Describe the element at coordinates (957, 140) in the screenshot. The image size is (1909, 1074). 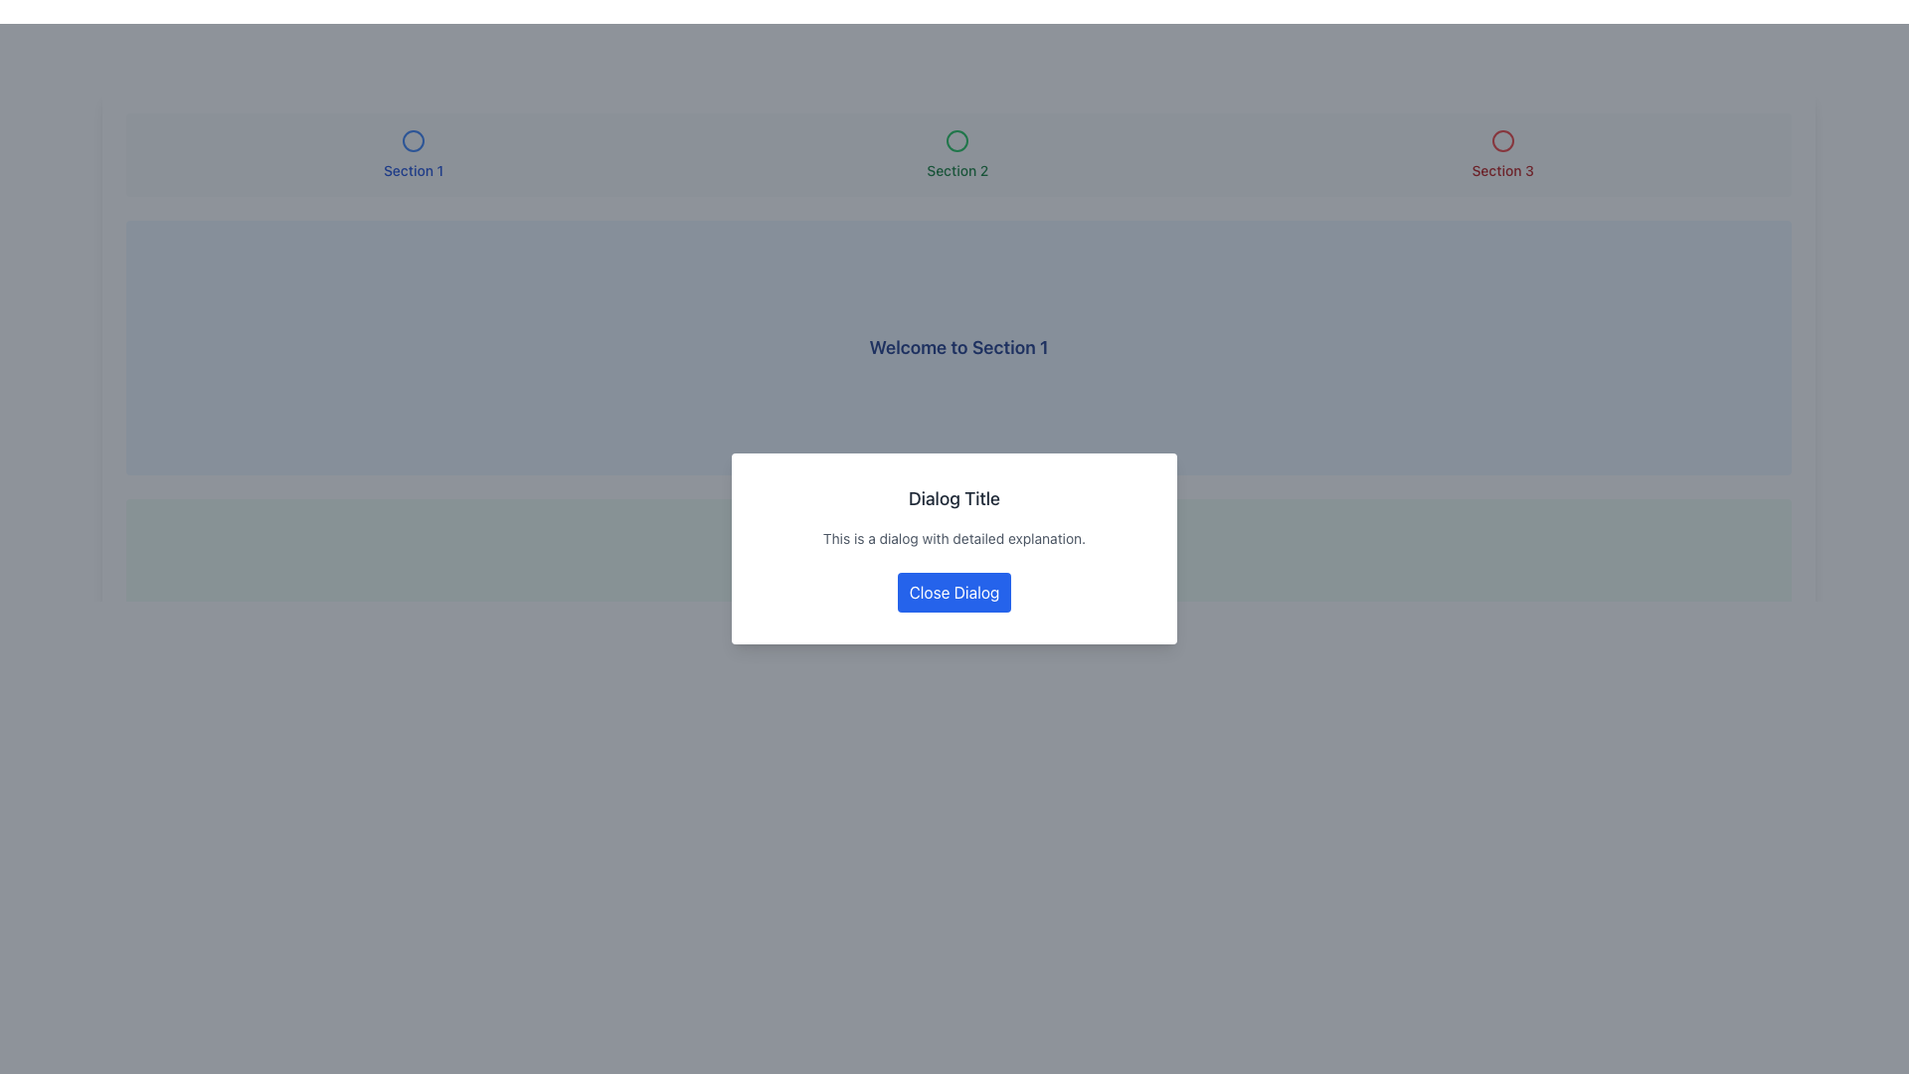
I see `the icon associated with 'Section 2' located at the top center of the interface, positioned directly above the text label 'Section 2'` at that location.